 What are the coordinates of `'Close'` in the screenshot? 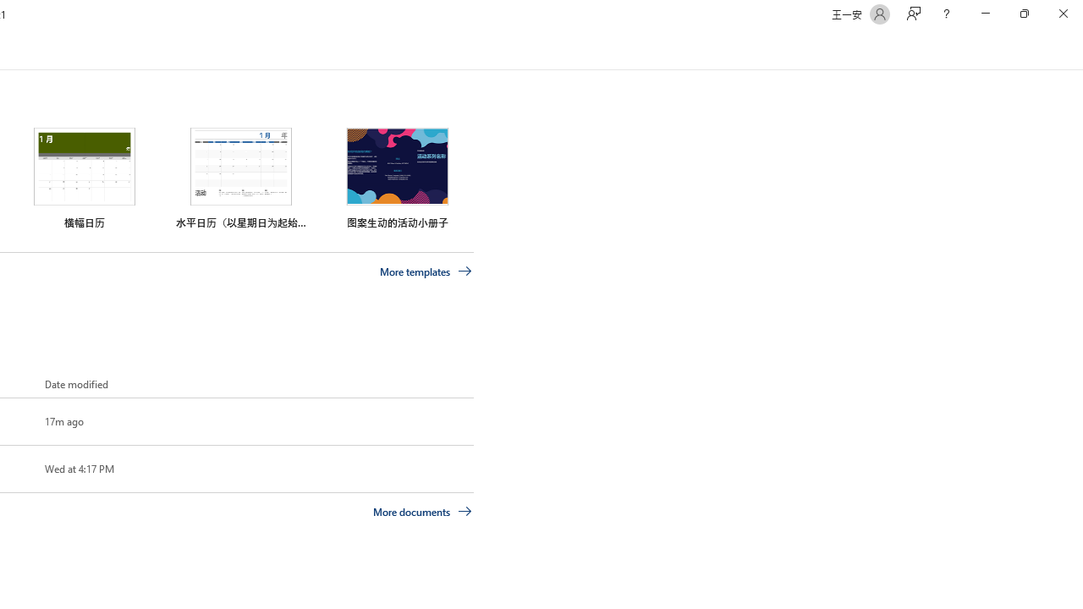 It's located at (1062, 14).